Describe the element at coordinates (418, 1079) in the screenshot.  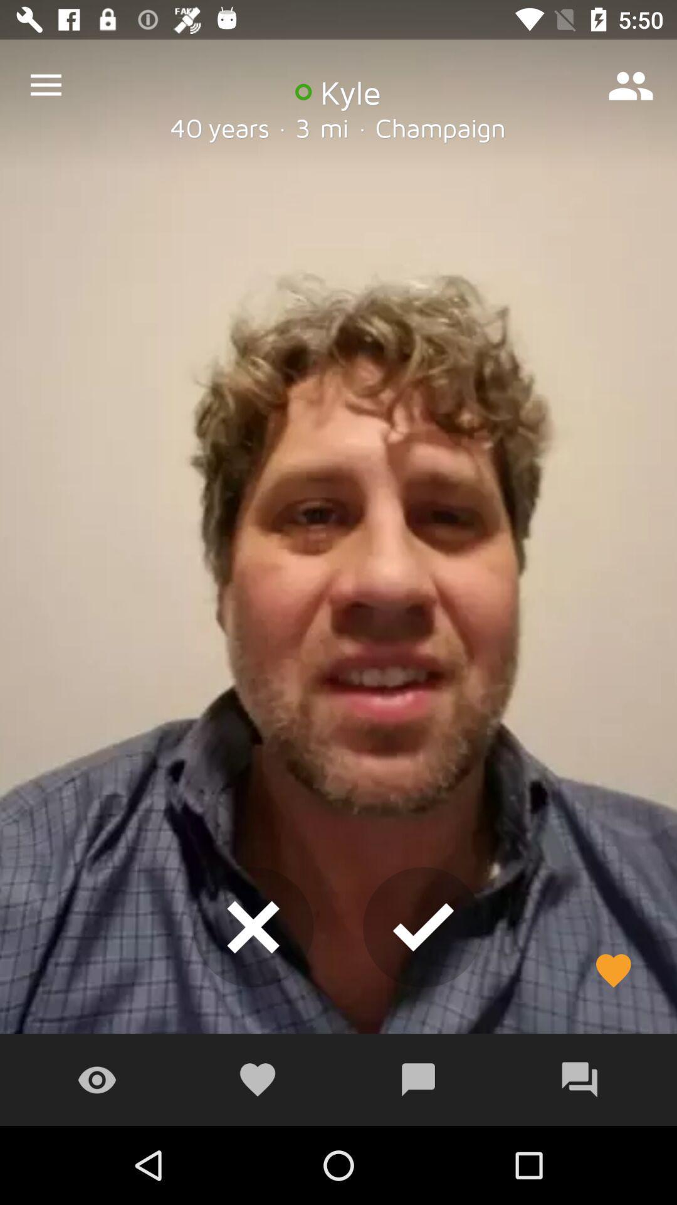
I see `the logo below tick mark` at that location.